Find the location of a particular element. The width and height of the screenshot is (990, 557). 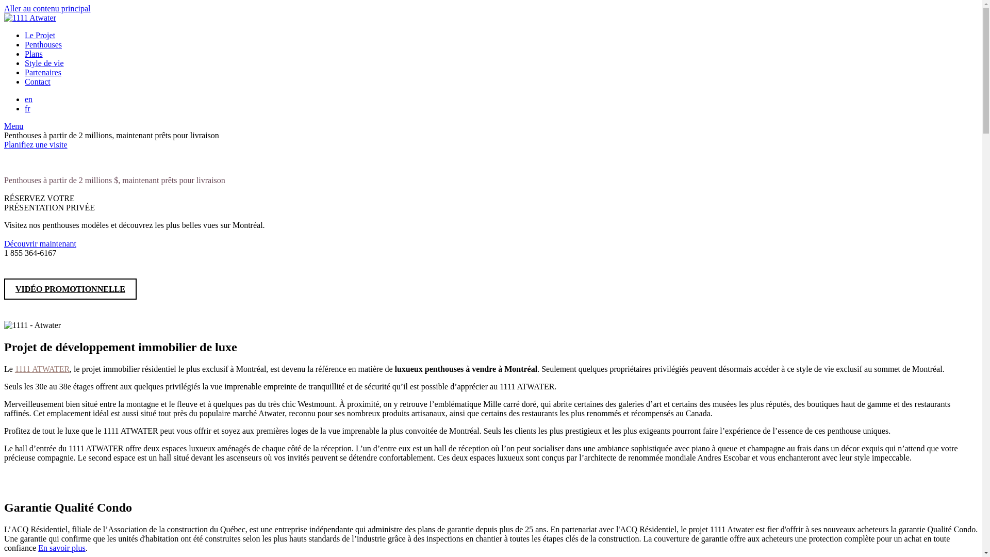

'1111 ATWATER' is located at coordinates (41, 368).